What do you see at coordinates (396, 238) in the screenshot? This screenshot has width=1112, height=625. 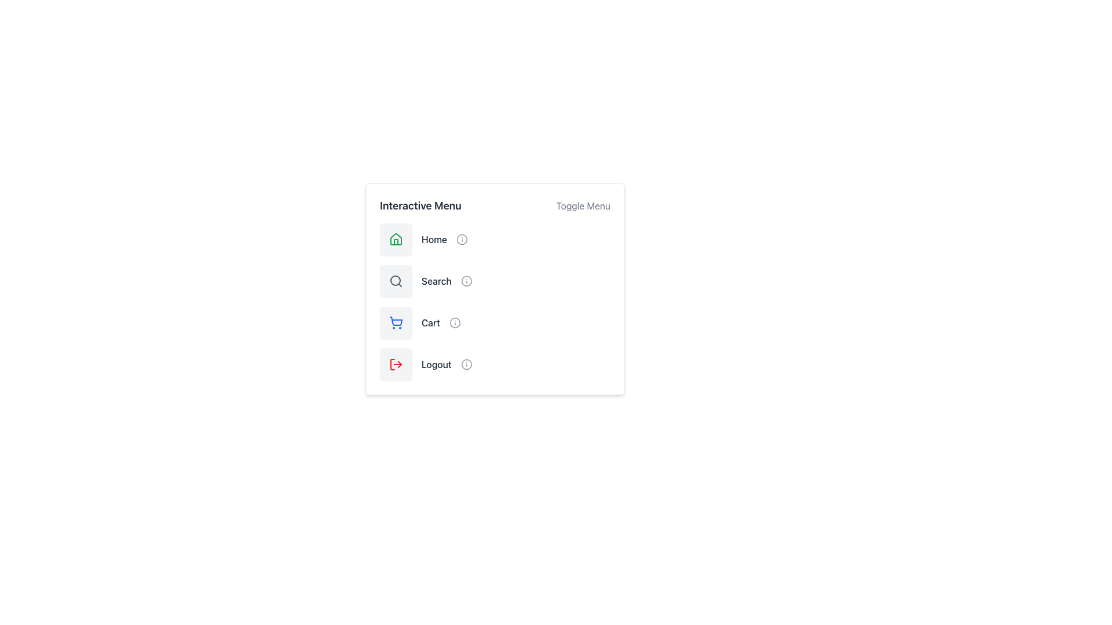 I see `the 'Home' icon in the topmost block of the menu interface` at bounding box center [396, 238].